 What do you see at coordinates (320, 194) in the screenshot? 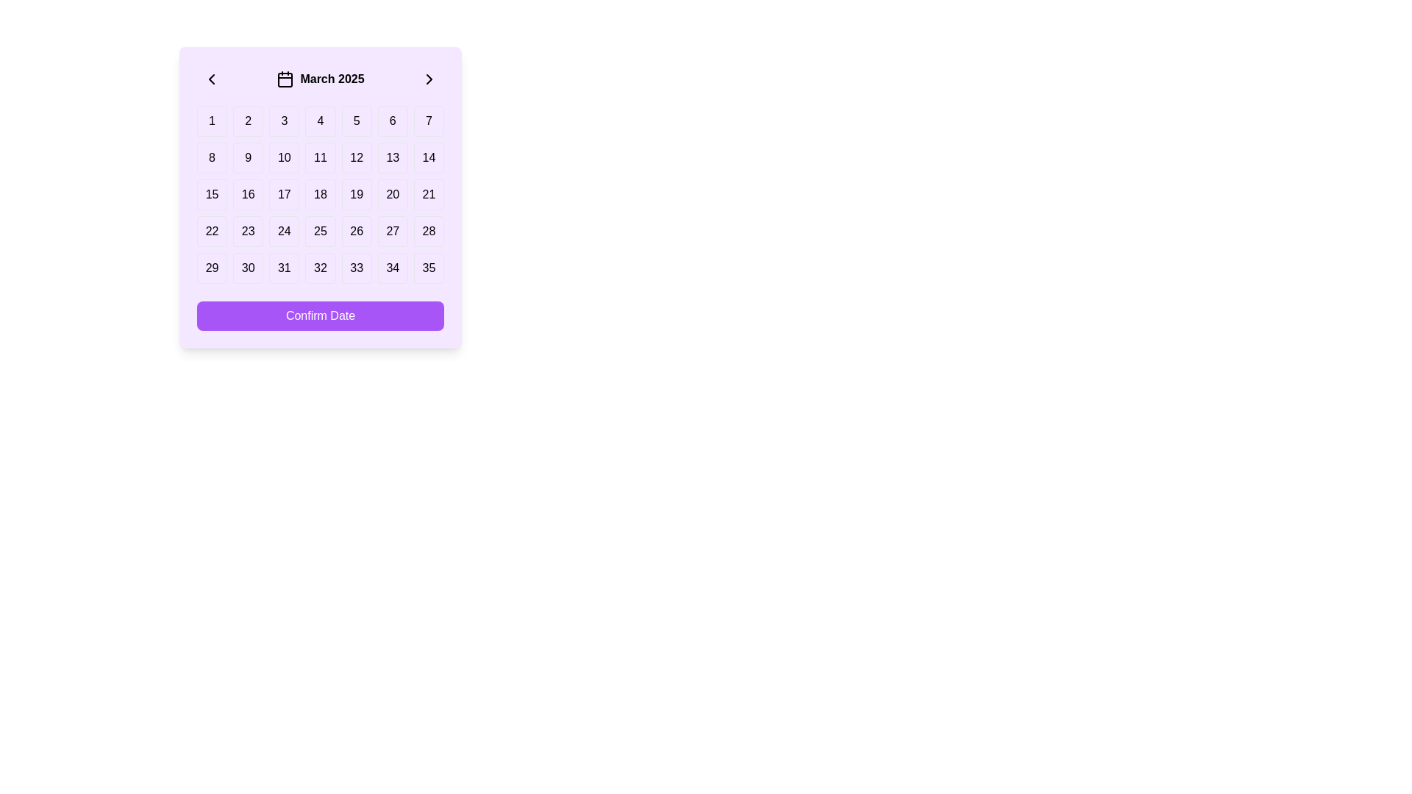
I see `the button representing a specific calendar day in the grid layout, which is light purple and numerically ordered` at bounding box center [320, 194].